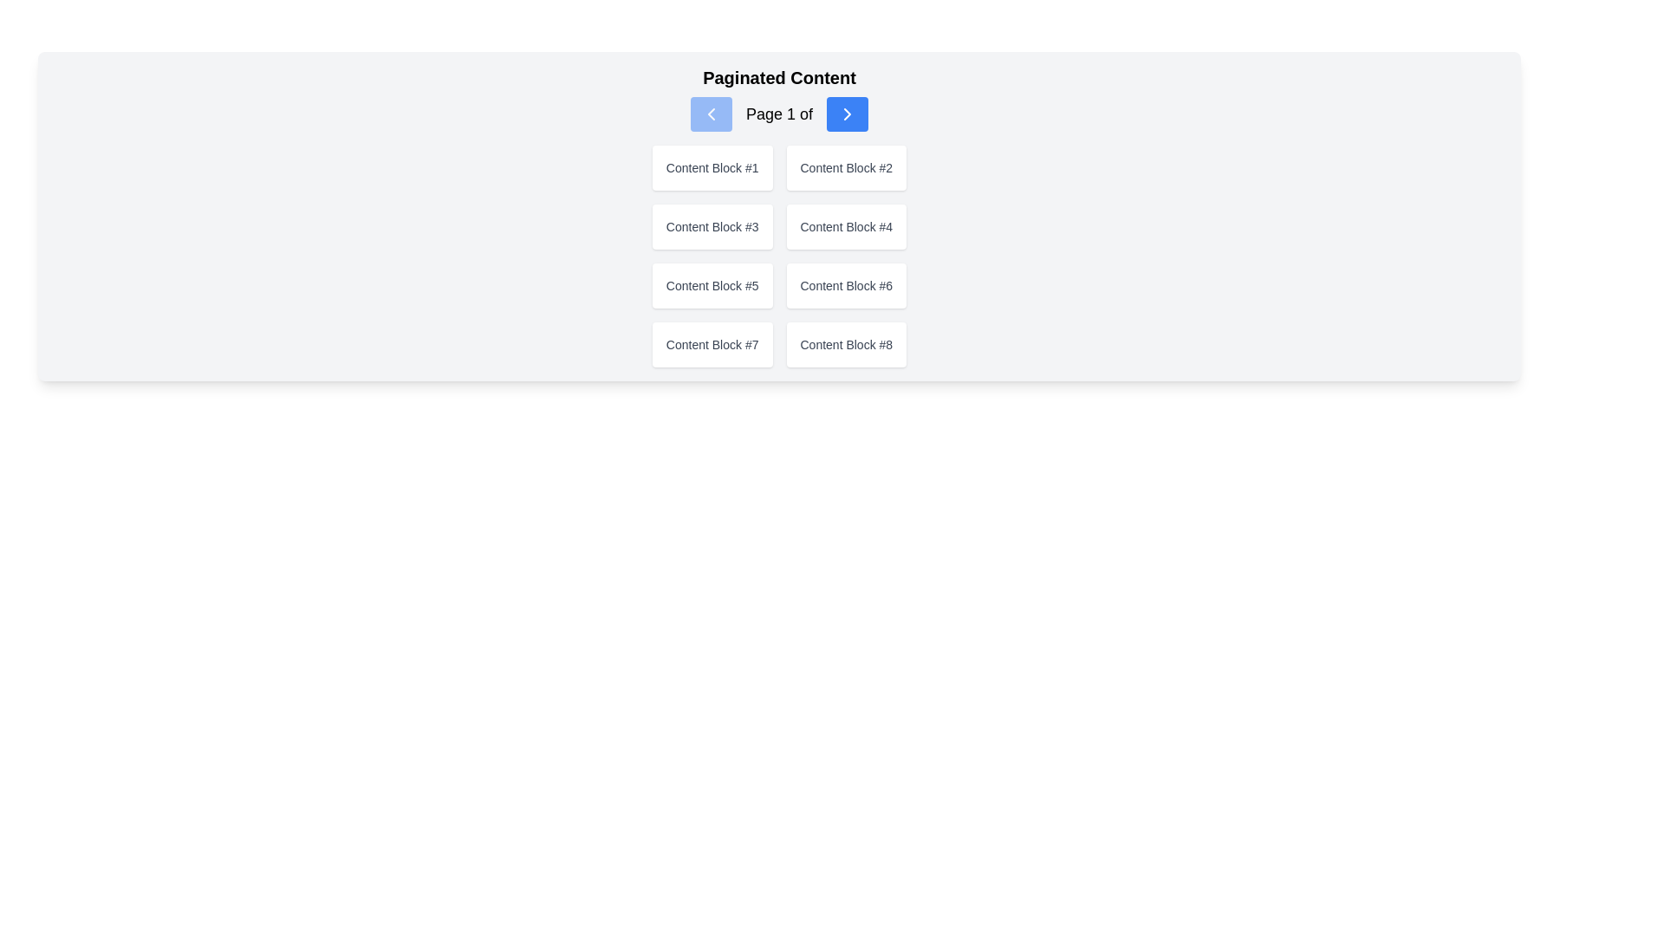 This screenshot has height=936, width=1664. Describe the element at coordinates (846, 167) in the screenshot. I see `the text content of the Content Block #2, which is a rectangular block with a white background and rounded corners, located in the first row, second column of the grid layout` at that location.